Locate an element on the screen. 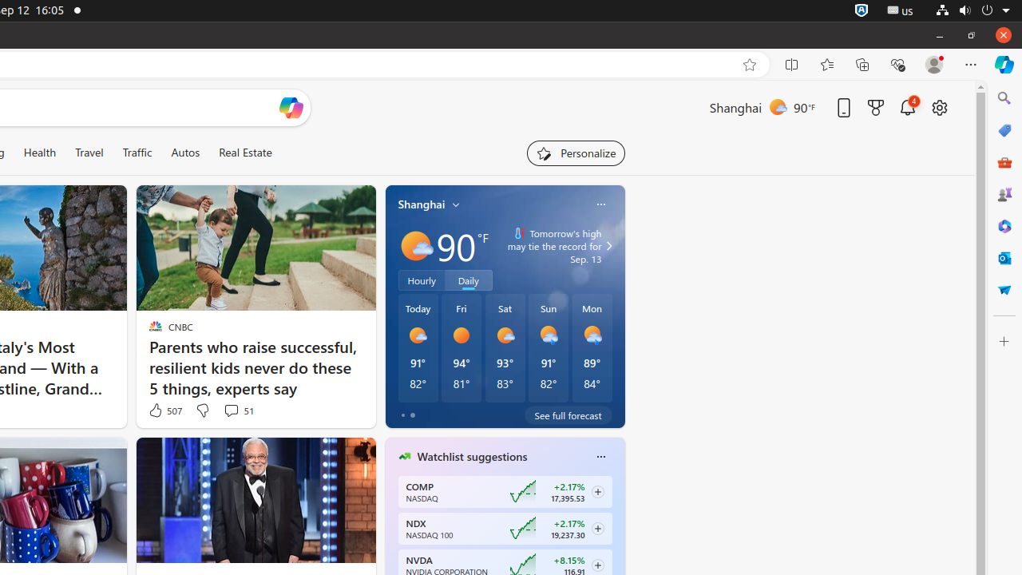 The height and width of the screenshot is (575, 1022). 'Real Estate' is located at coordinates (244, 153).